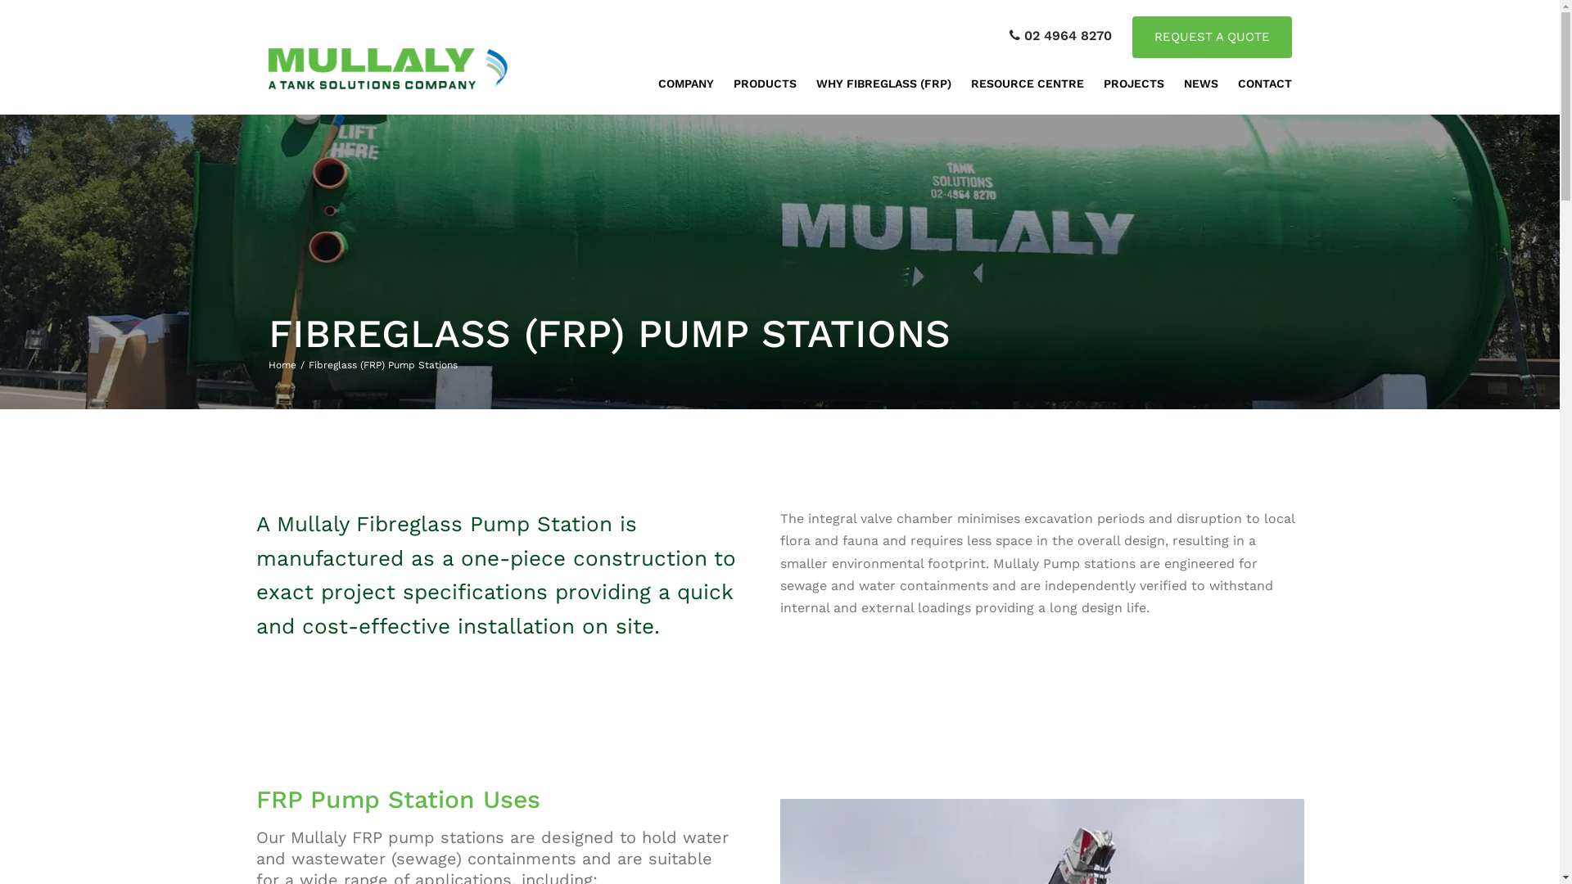 The image size is (1572, 884). I want to click on '02 4964 8270', so click(1059, 35).